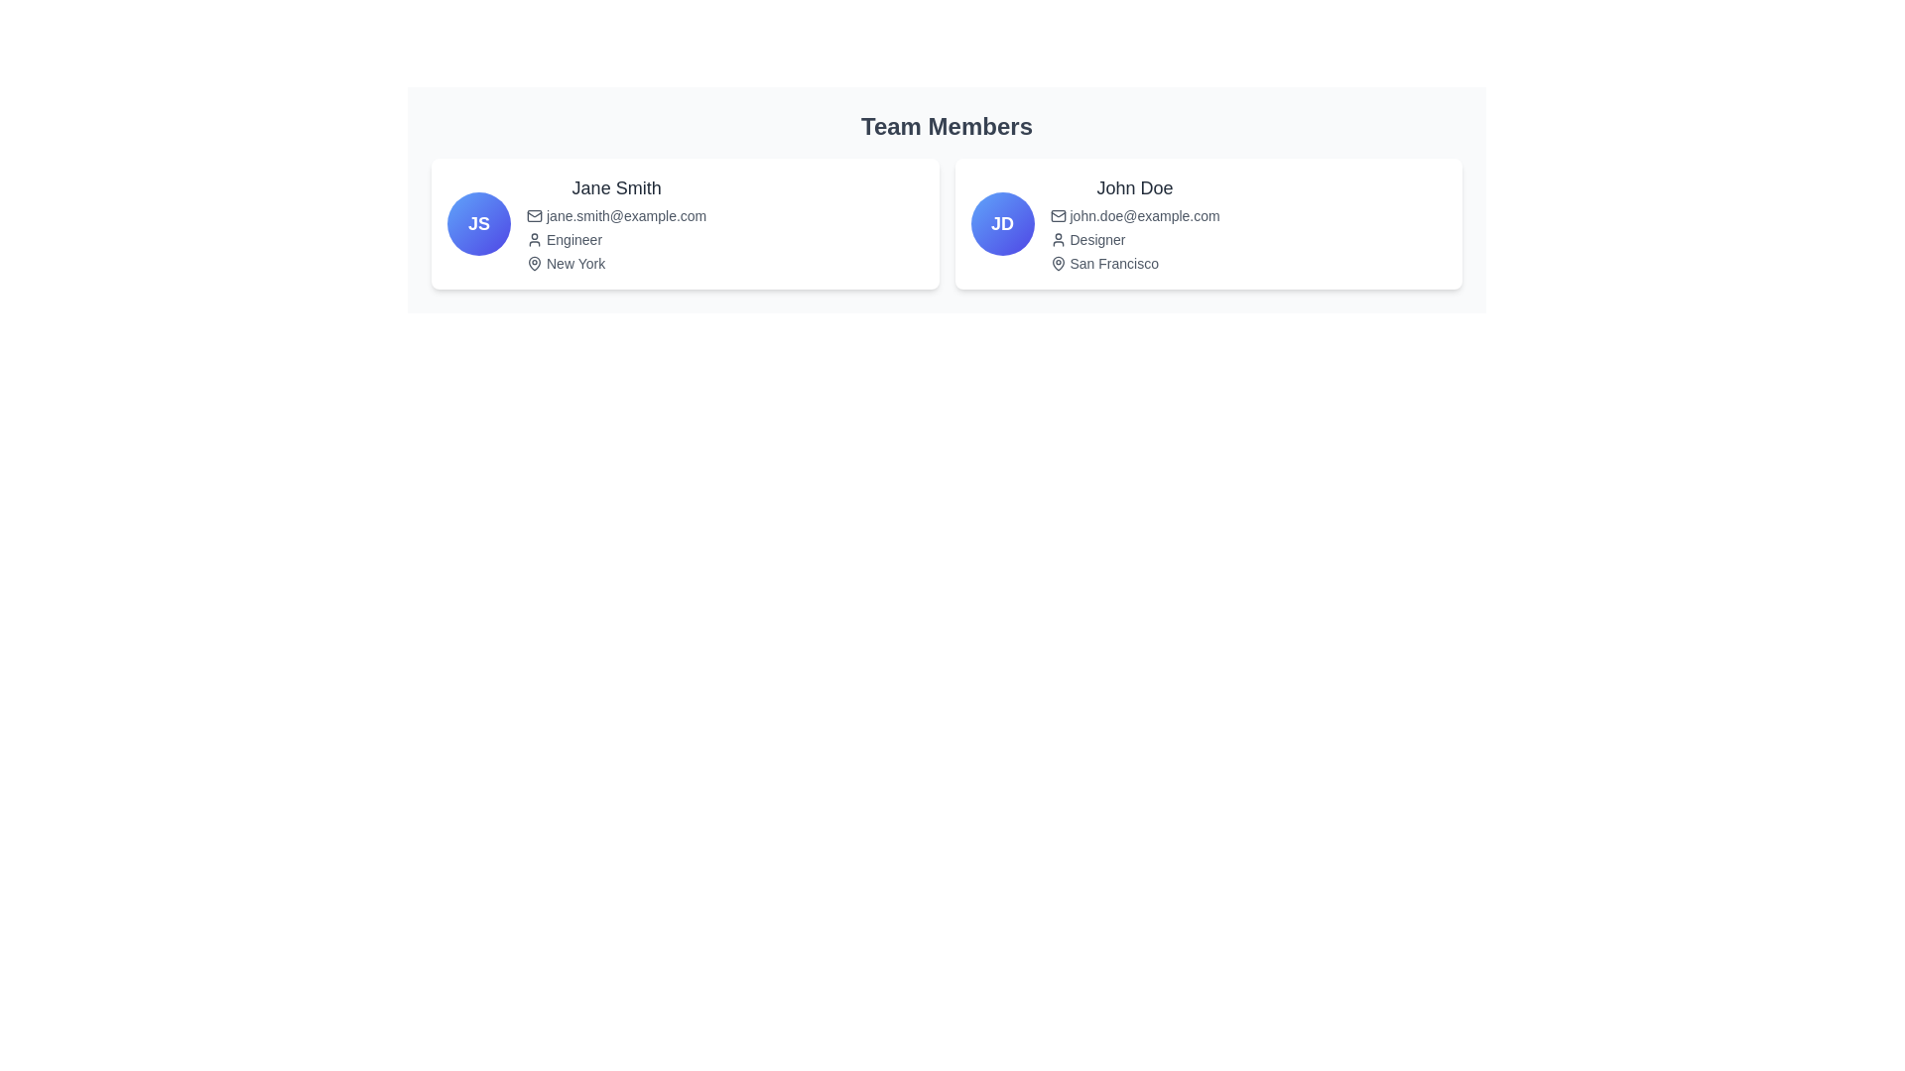  What do you see at coordinates (1207, 223) in the screenshot?
I see `the Profile Card displaying team member information, which is the second card in a horizontal arrangement, to apply a hover effect` at bounding box center [1207, 223].